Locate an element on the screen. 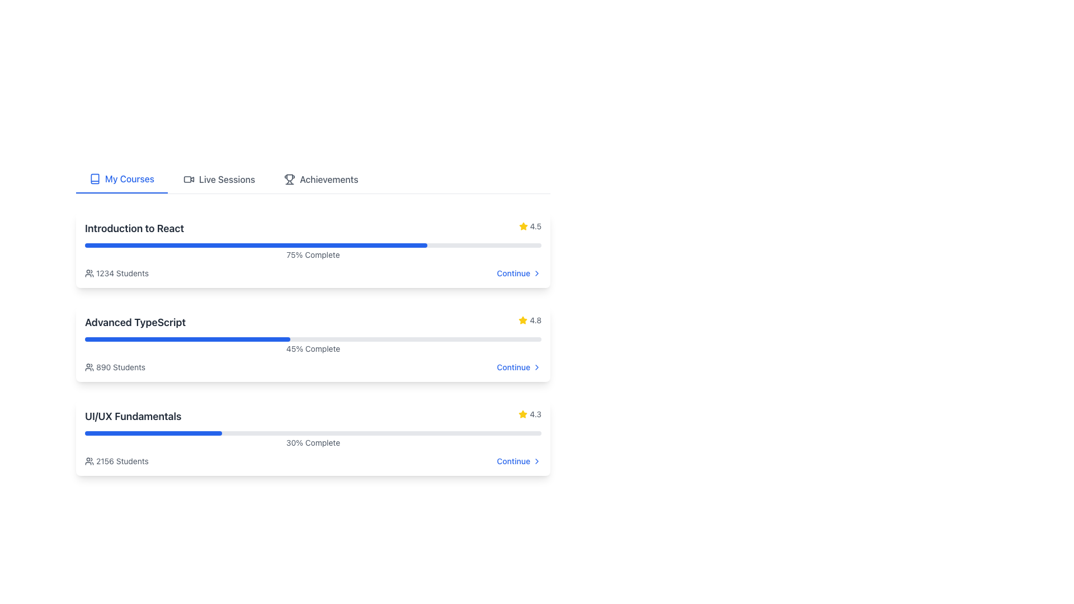  the rating icon representing user feedback score located in the rating section of the 'Introduction to React' card, positioned to the left of the '4.5' text is located at coordinates (522, 226).